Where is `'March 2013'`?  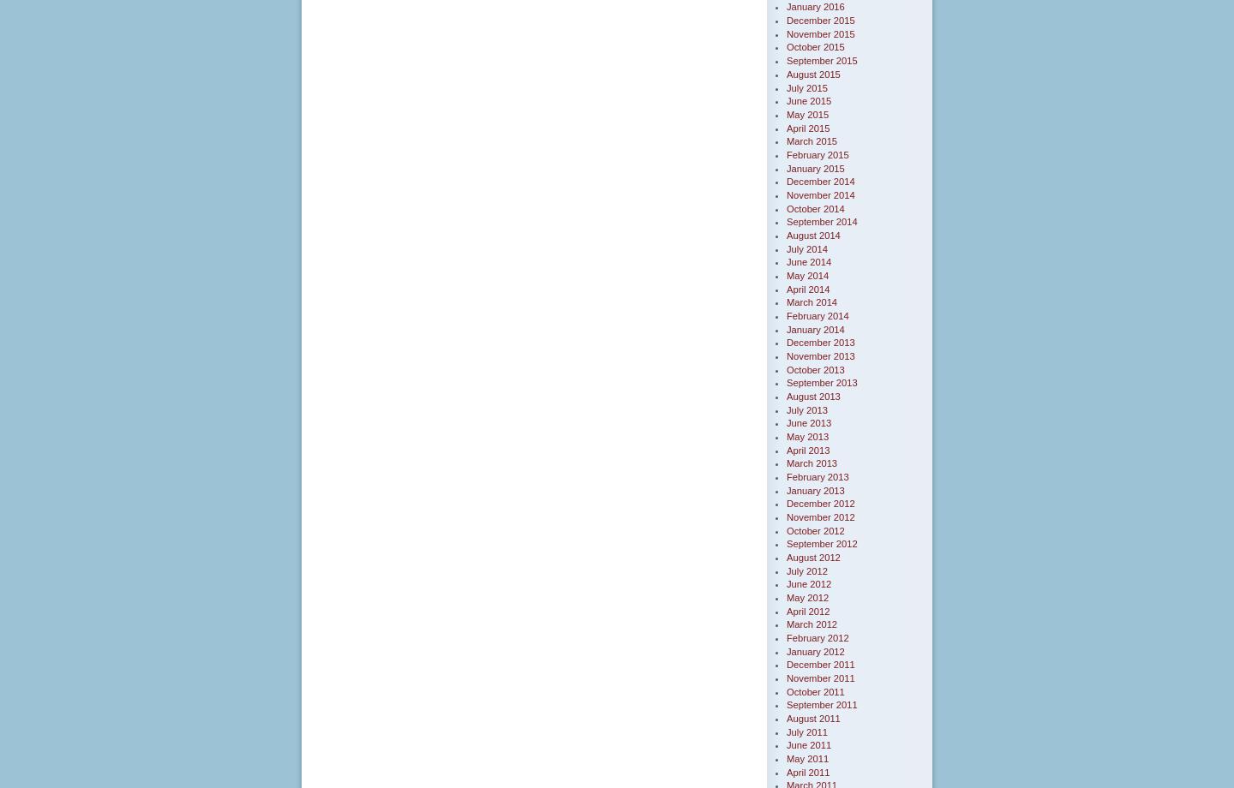
'March 2013' is located at coordinates (812, 463).